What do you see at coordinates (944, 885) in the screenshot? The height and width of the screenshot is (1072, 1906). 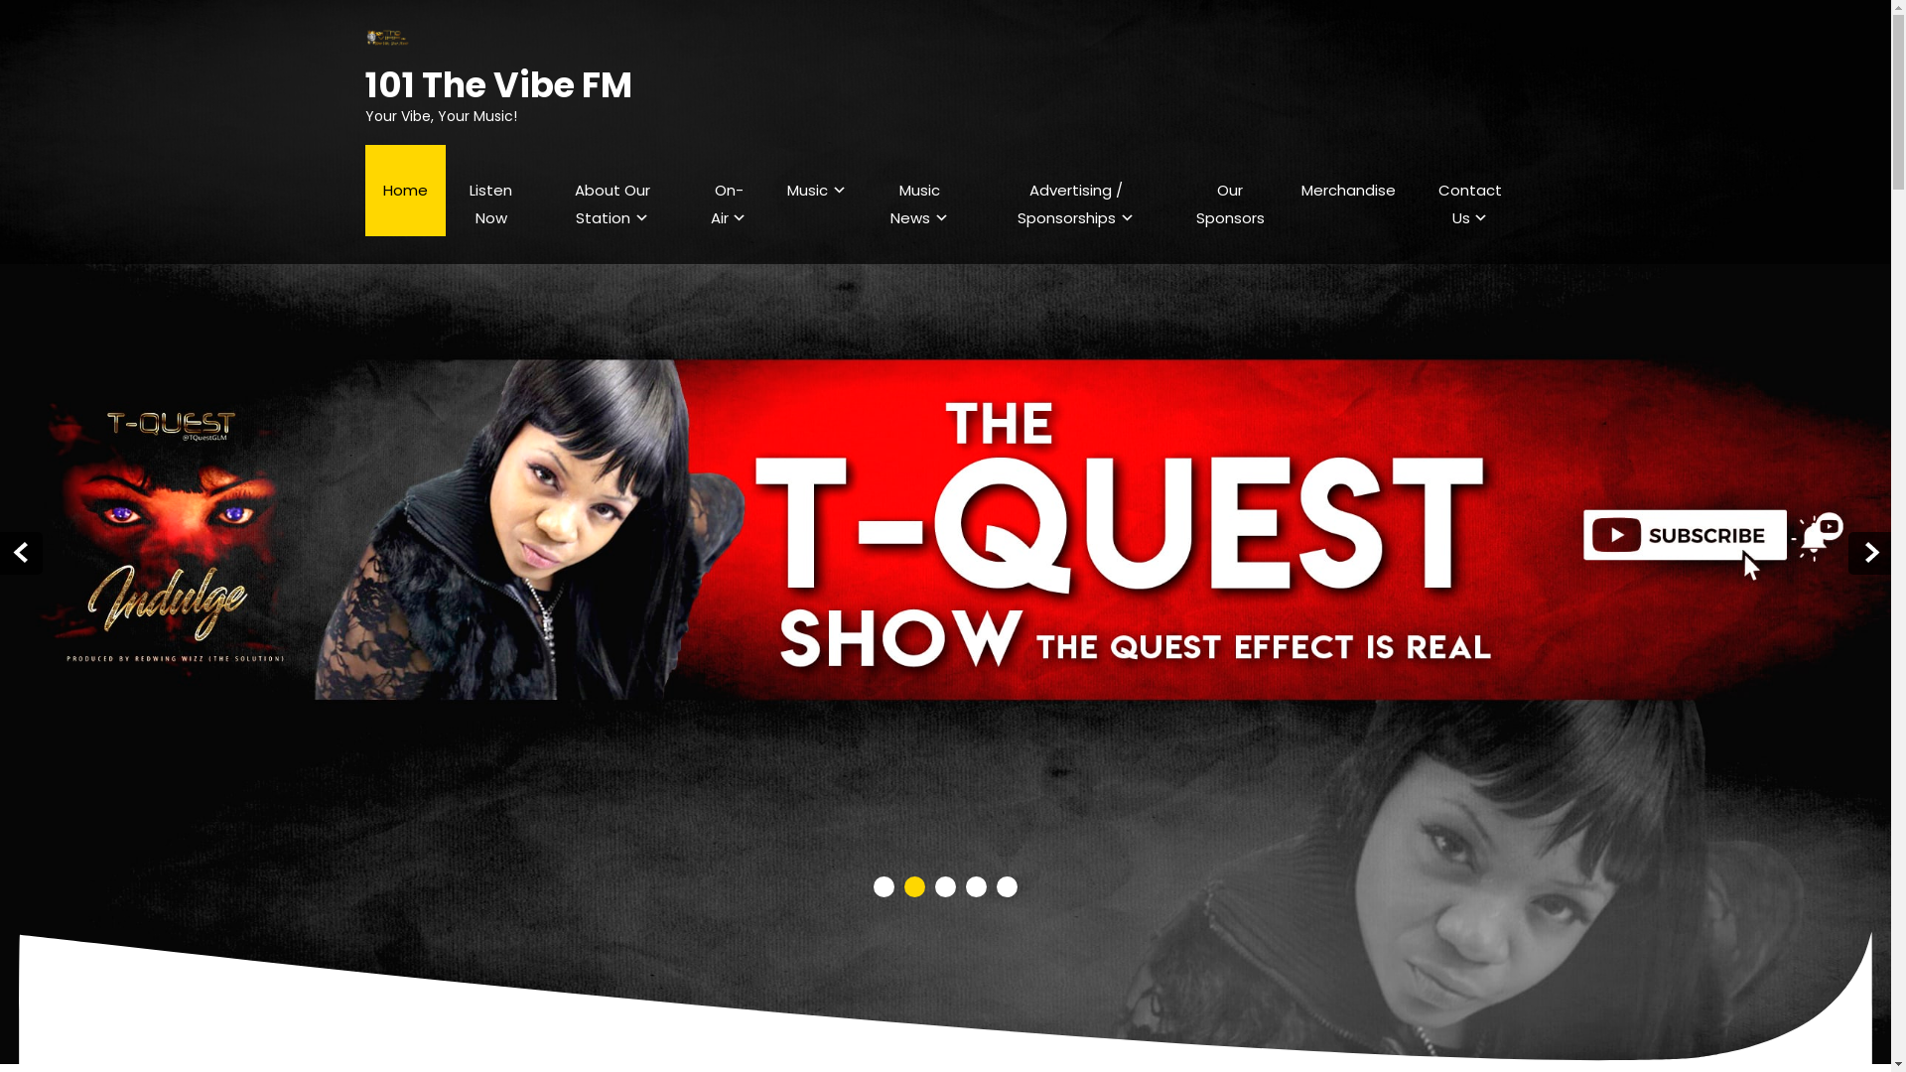 I see `'3'` at bounding box center [944, 885].